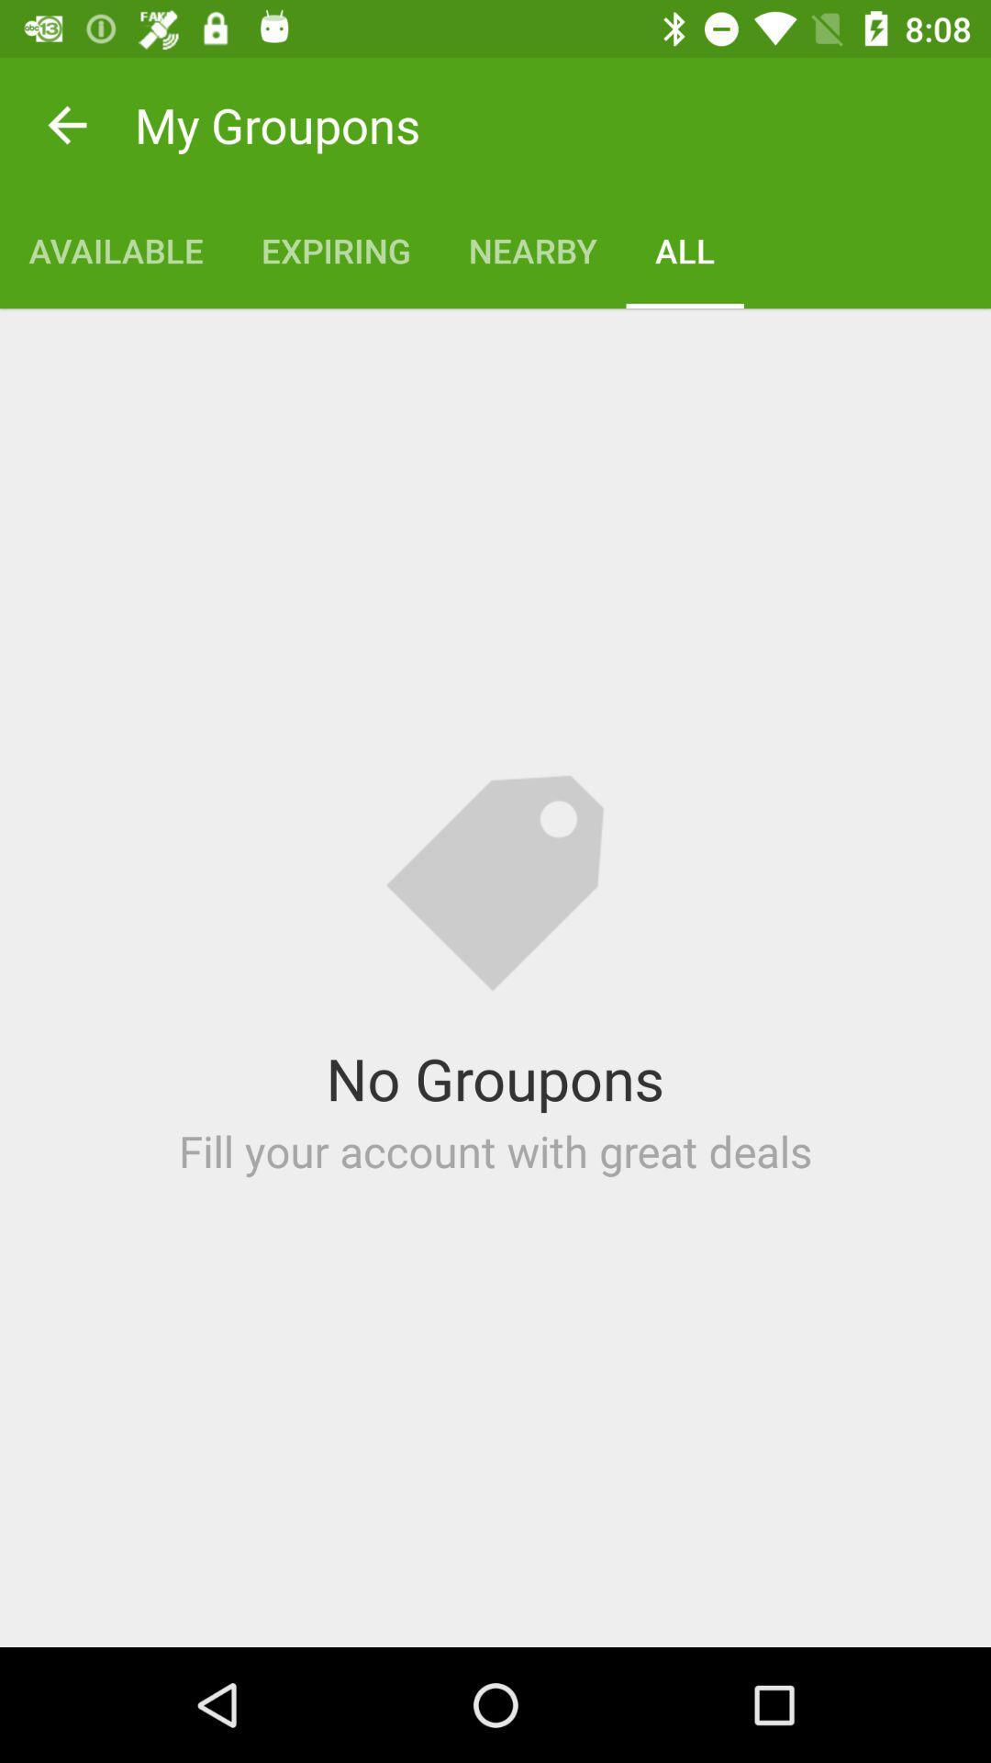 This screenshot has width=991, height=1763. Describe the element at coordinates (685, 250) in the screenshot. I see `all app` at that location.